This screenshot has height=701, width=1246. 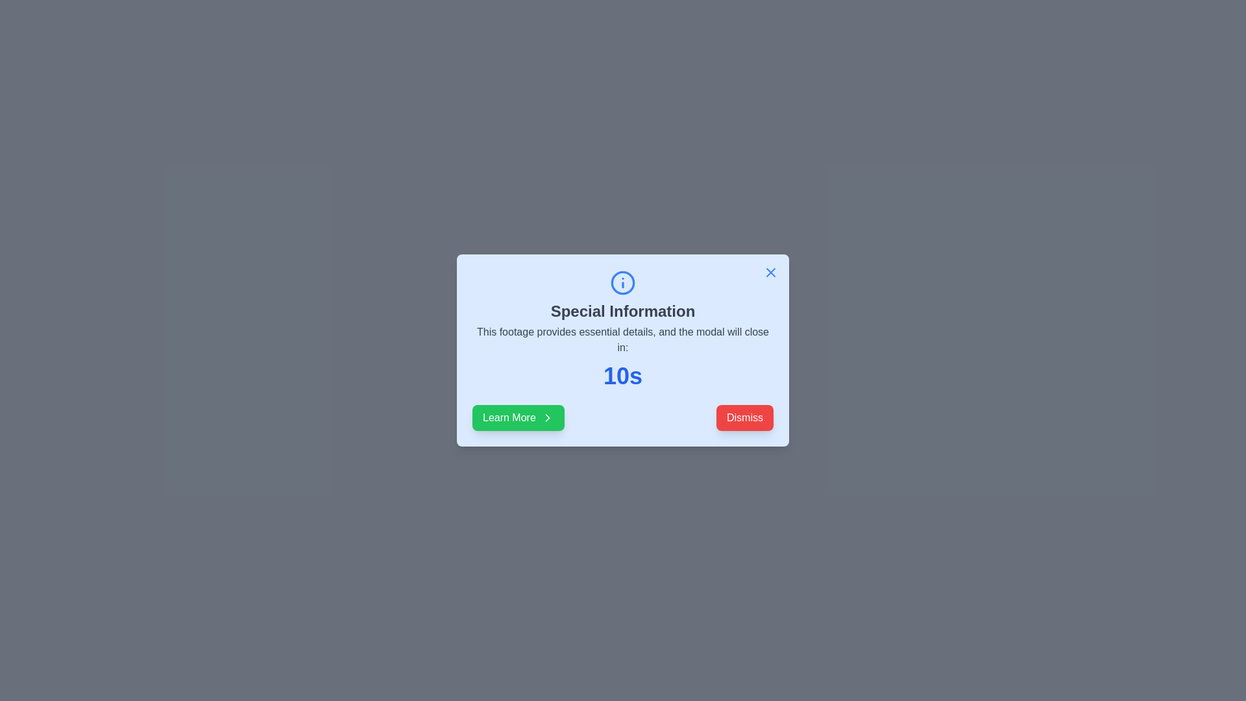 What do you see at coordinates (623, 311) in the screenshot?
I see `the bolded text label reading 'Special Information' located in the upper-middle section of the modal dialog, directly beneath the information icon` at bounding box center [623, 311].